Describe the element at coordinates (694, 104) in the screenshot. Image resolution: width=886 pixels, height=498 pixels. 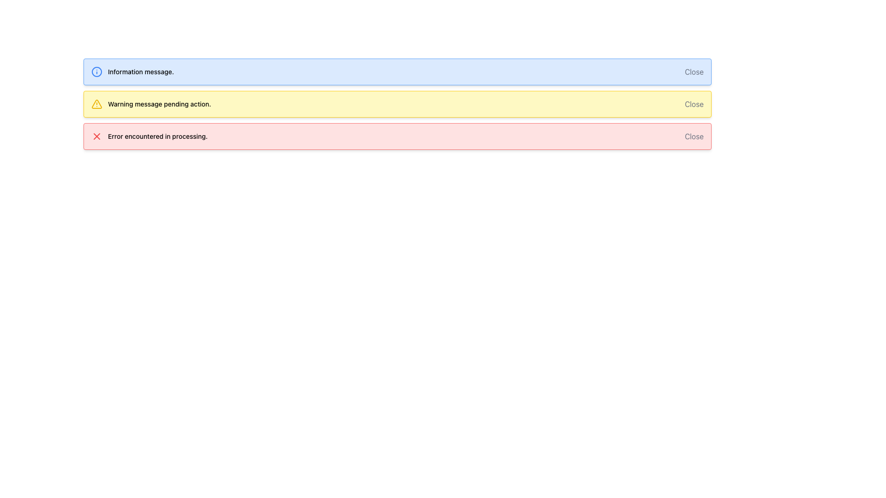
I see `the 'Close' button, which is a clickable text label styled in gray that changes to a darker gray when hovered over, located at the far right of a warning message section` at that location.